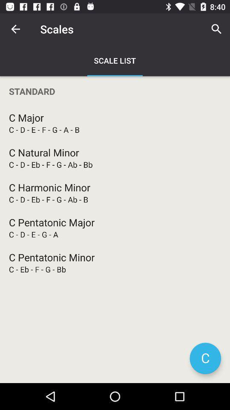 Image resolution: width=230 pixels, height=410 pixels. I want to click on the item to the right of scales item, so click(216, 29).